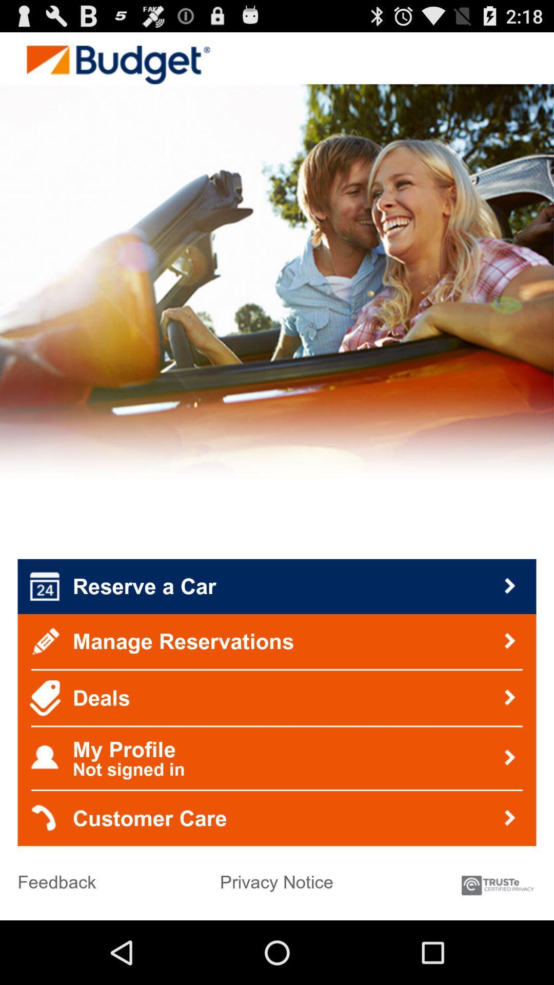 Image resolution: width=554 pixels, height=985 pixels. What do you see at coordinates (277, 698) in the screenshot?
I see `the deals item` at bounding box center [277, 698].